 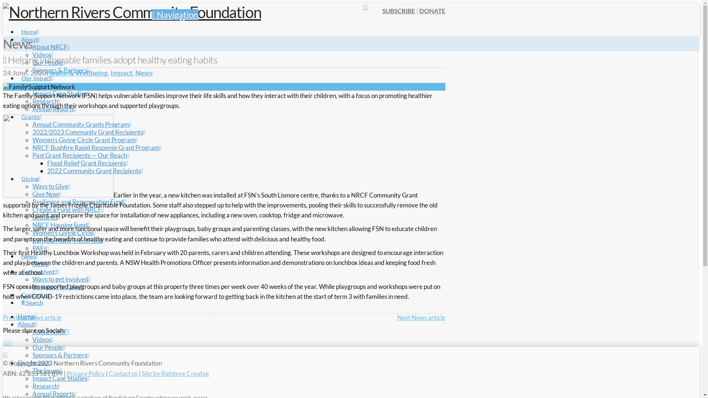 What do you see at coordinates (54, 393) in the screenshot?
I see `'Annual Reports'` at bounding box center [54, 393].